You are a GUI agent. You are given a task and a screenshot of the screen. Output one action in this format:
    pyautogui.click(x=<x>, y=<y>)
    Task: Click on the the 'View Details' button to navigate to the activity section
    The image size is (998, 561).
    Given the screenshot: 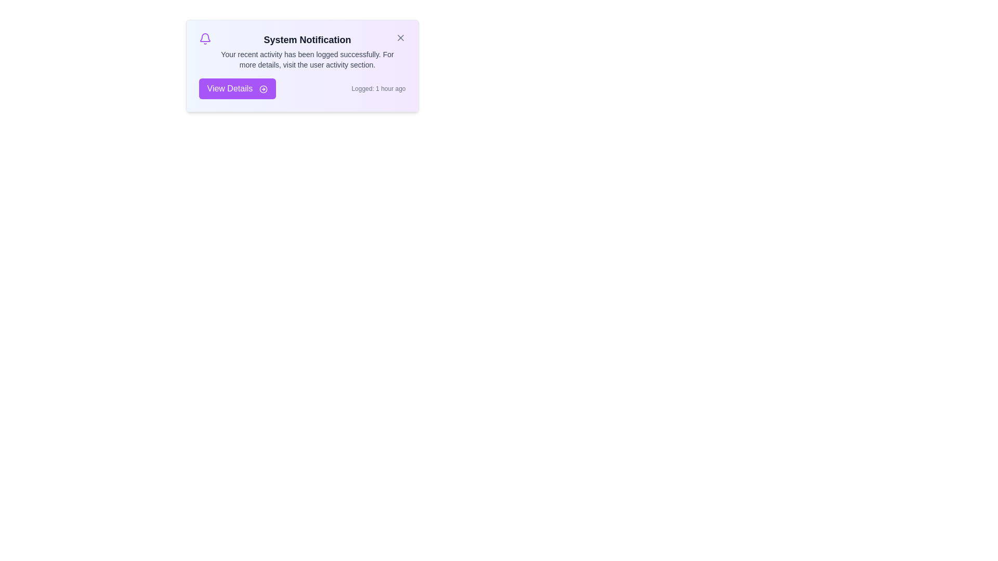 What is the action you would take?
    pyautogui.click(x=237, y=88)
    